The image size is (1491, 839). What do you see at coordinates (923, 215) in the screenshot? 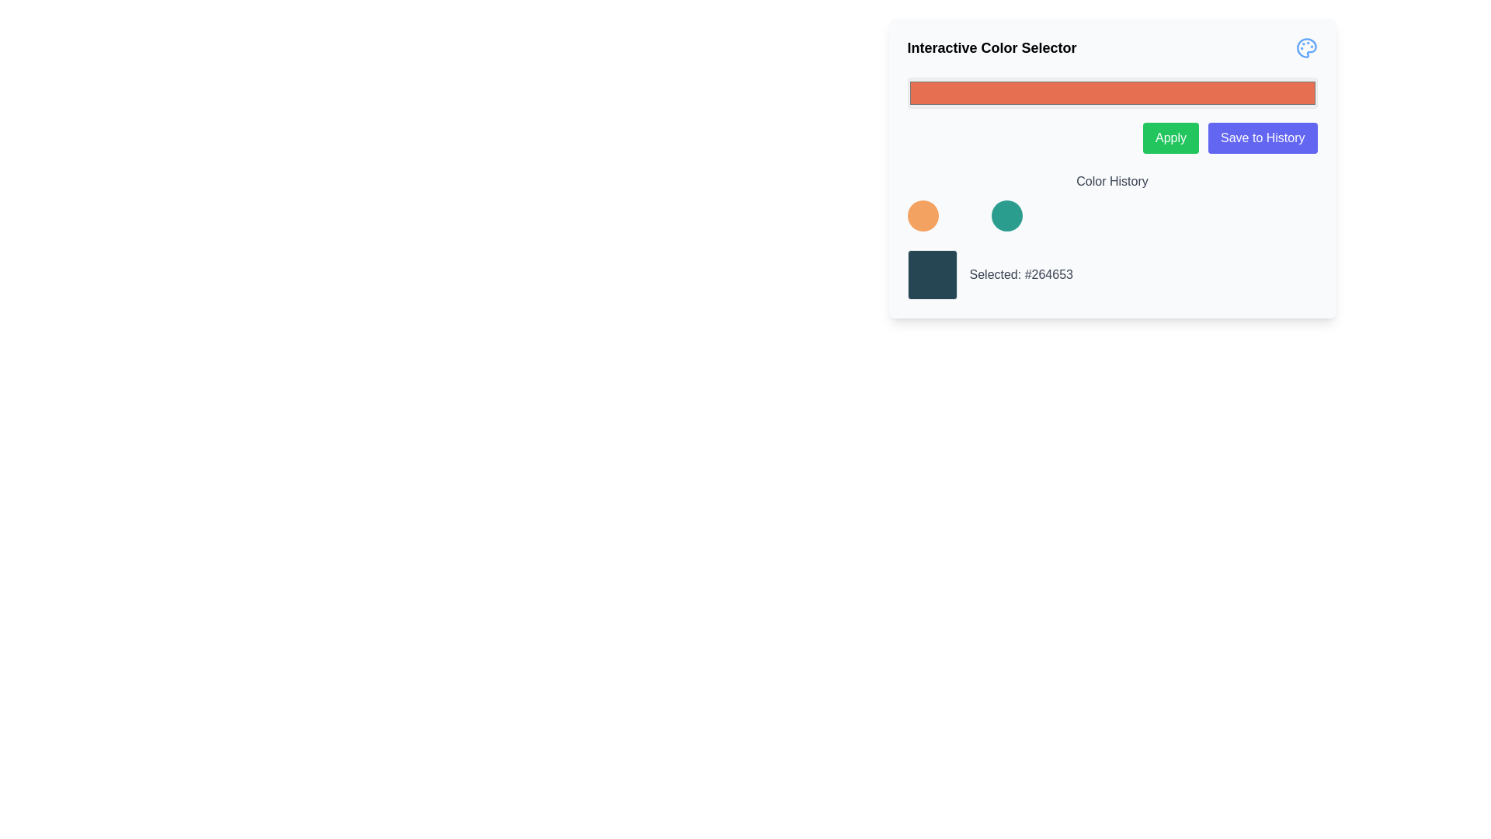
I see `the static visual representation of the orange color in the color selector tool, positioned at the first column of the horizontal grid layout` at bounding box center [923, 215].